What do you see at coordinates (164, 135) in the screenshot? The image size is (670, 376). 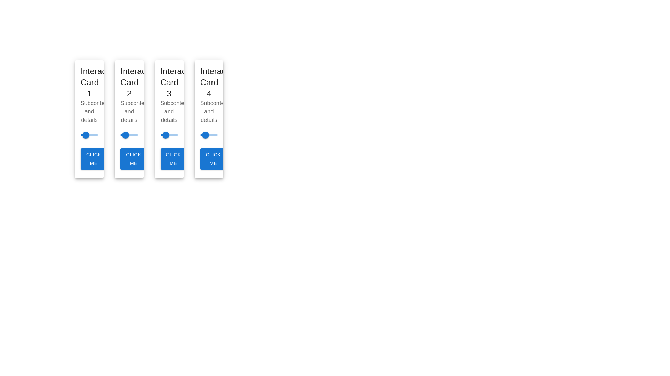 I see `the slider value` at bounding box center [164, 135].